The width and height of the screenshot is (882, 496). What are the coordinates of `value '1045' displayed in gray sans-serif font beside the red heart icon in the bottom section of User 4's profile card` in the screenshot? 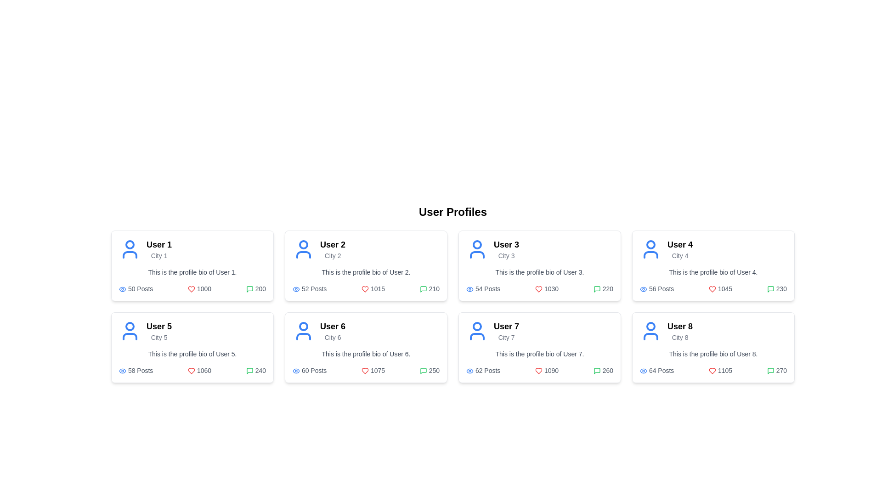 It's located at (720, 288).